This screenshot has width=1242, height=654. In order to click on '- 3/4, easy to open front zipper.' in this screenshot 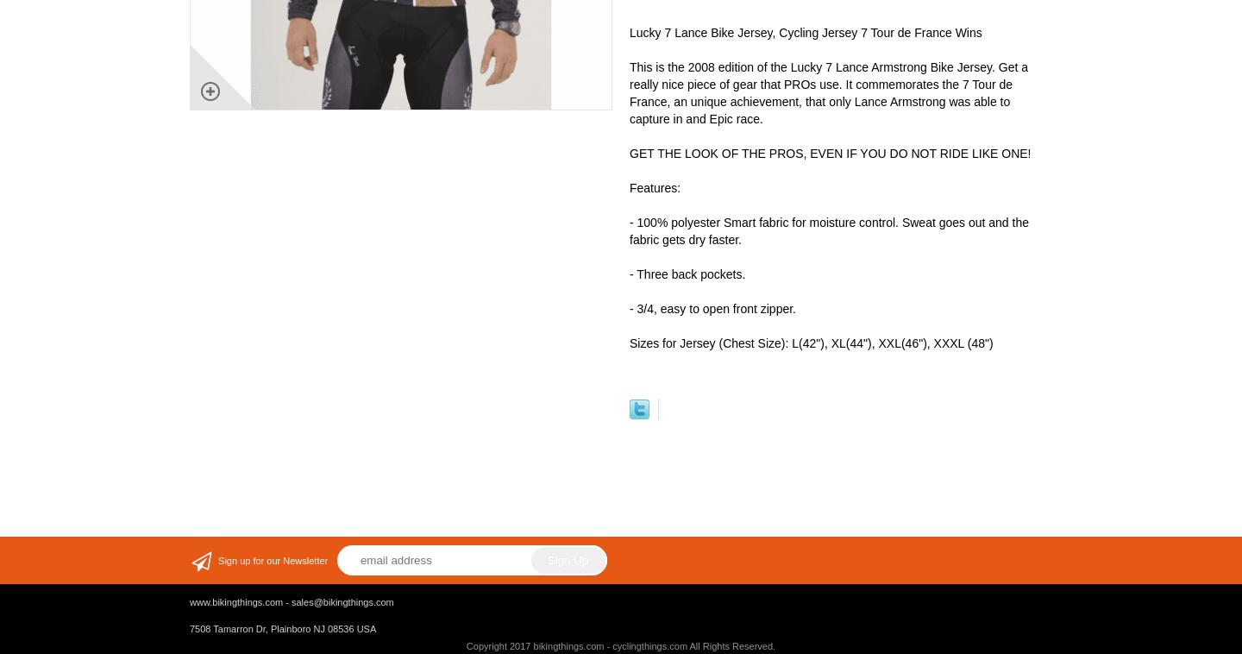, I will do `click(712, 309)`.